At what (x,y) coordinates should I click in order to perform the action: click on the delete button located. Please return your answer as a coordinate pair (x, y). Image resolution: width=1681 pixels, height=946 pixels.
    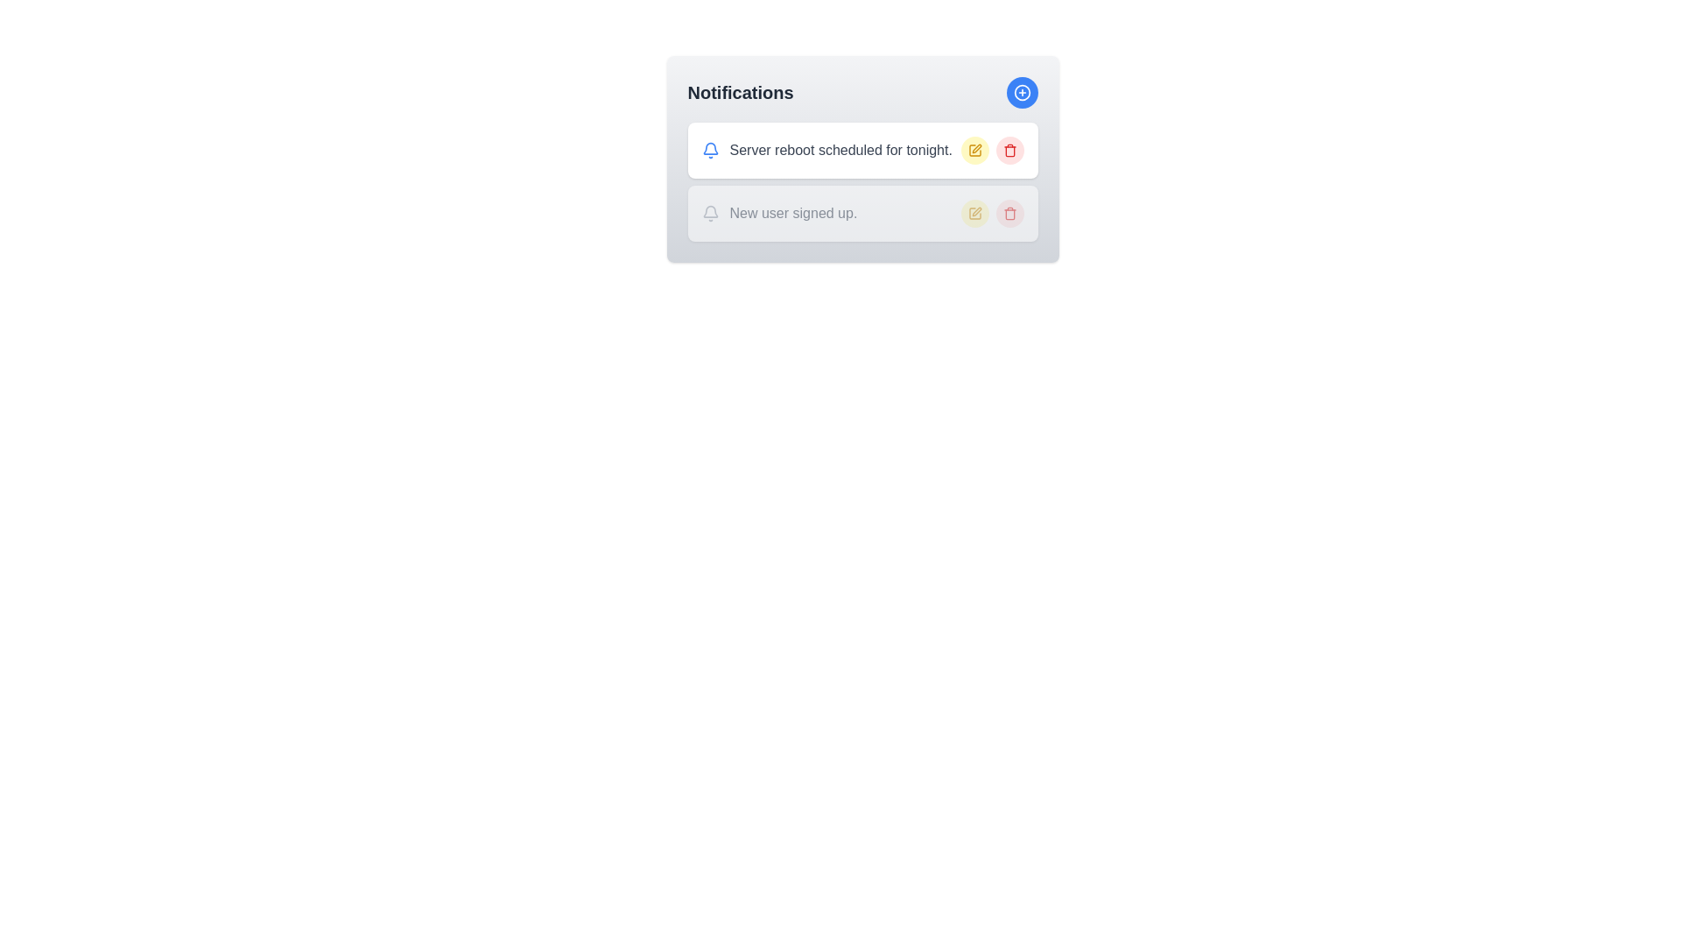
    Looking at the image, I should click on (1009, 212).